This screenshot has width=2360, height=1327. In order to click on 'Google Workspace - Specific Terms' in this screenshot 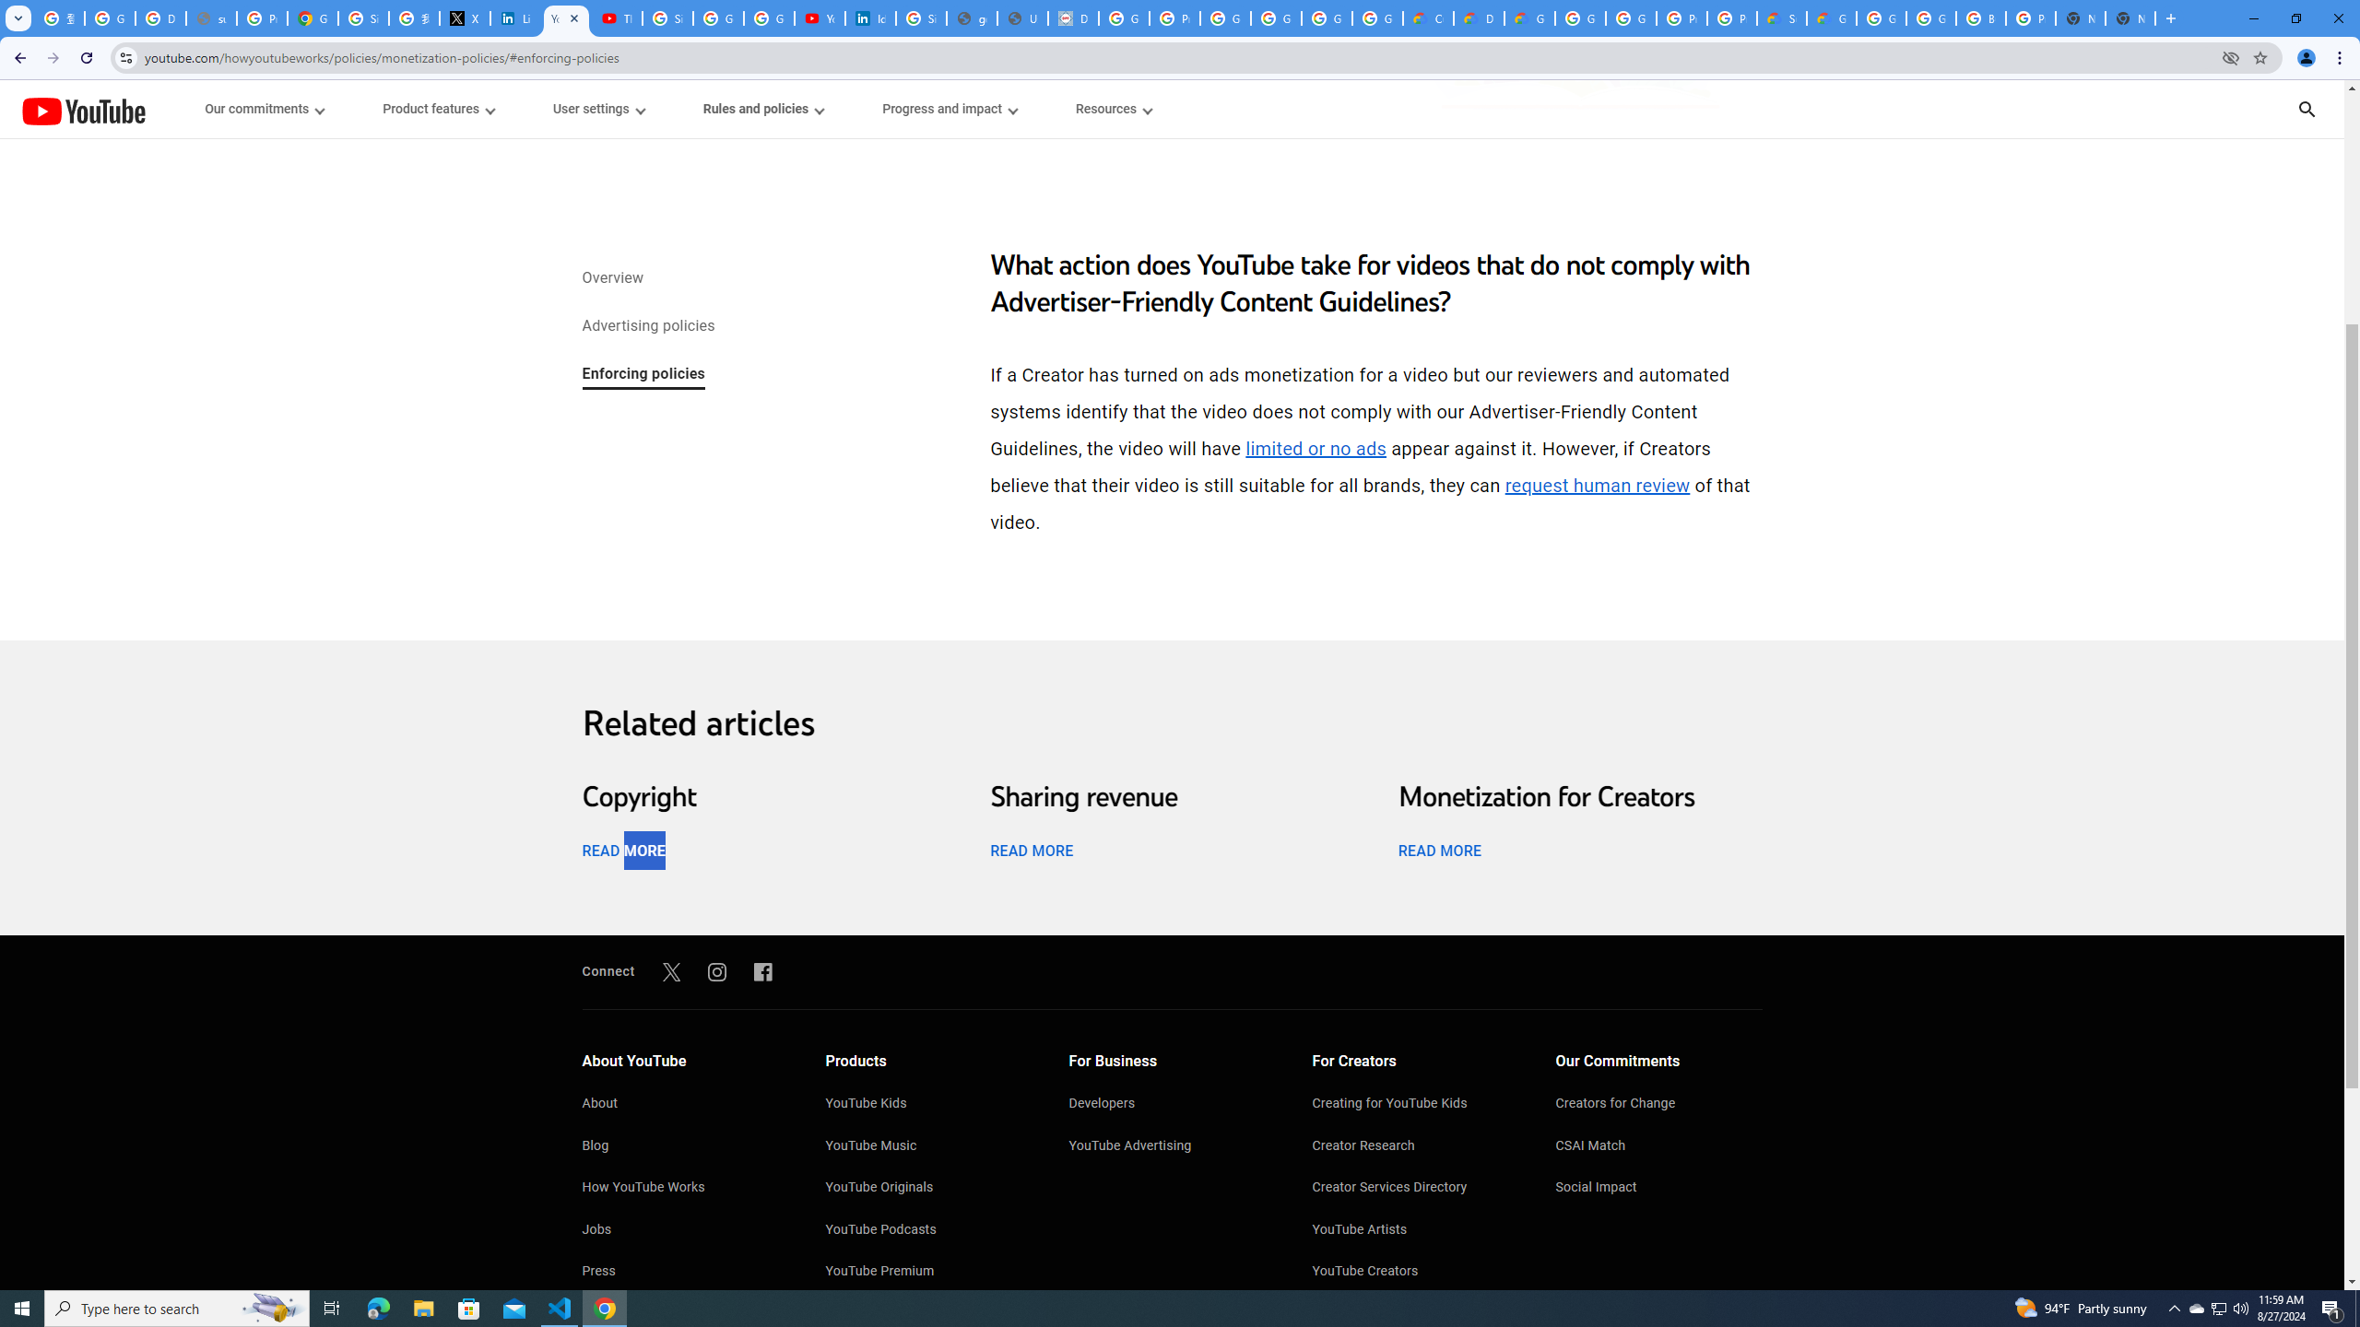, I will do `click(1327, 18)`.